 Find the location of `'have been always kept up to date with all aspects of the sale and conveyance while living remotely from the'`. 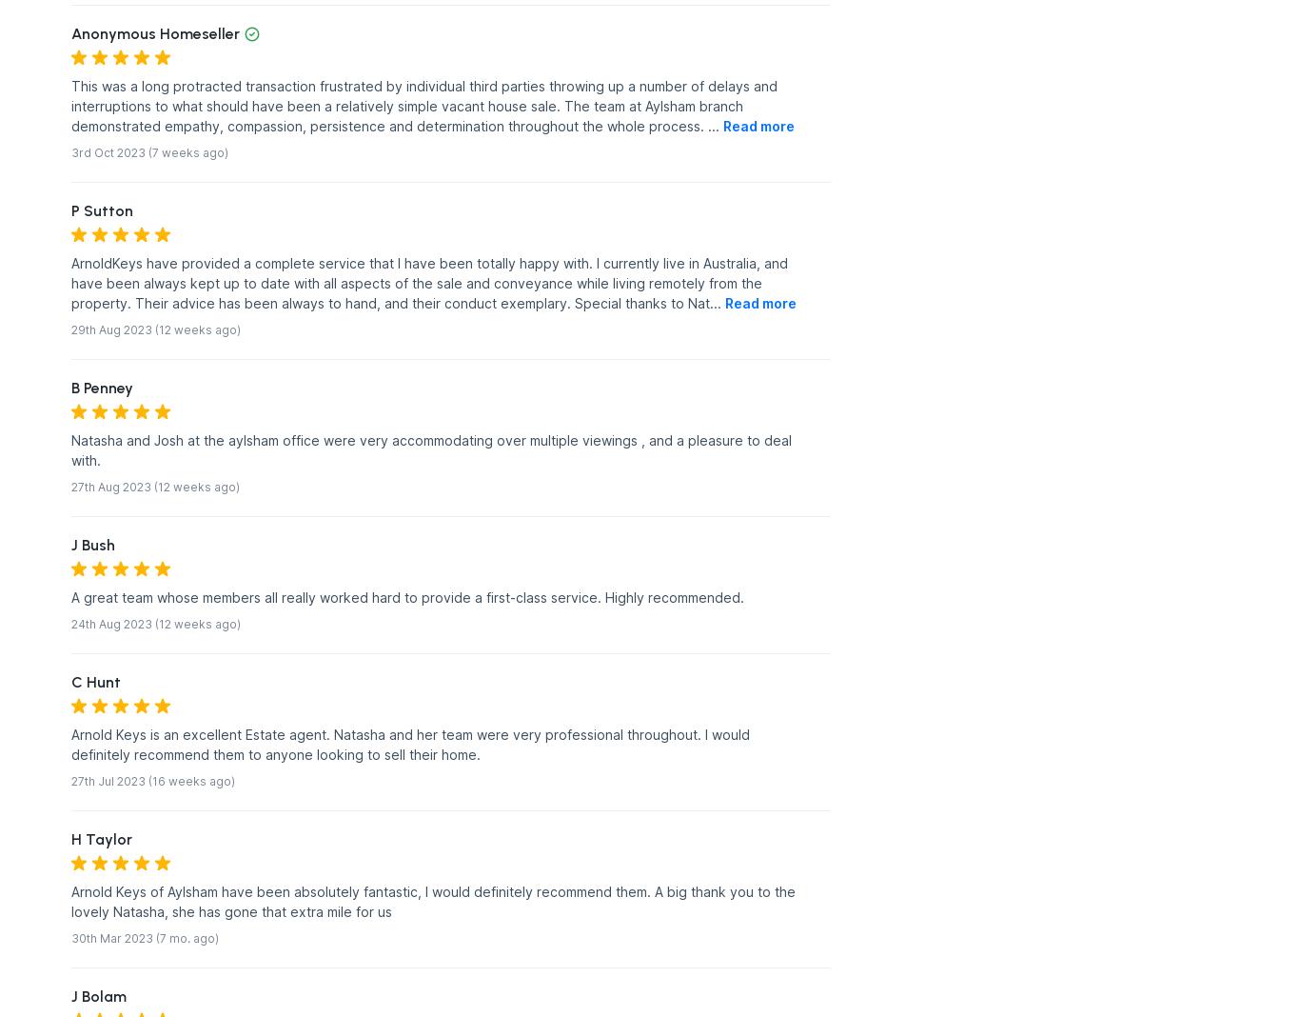

'have been always kept up to date with all aspects of the sale and conveyance while living remotely from the' is located at coordinates (415, 282).